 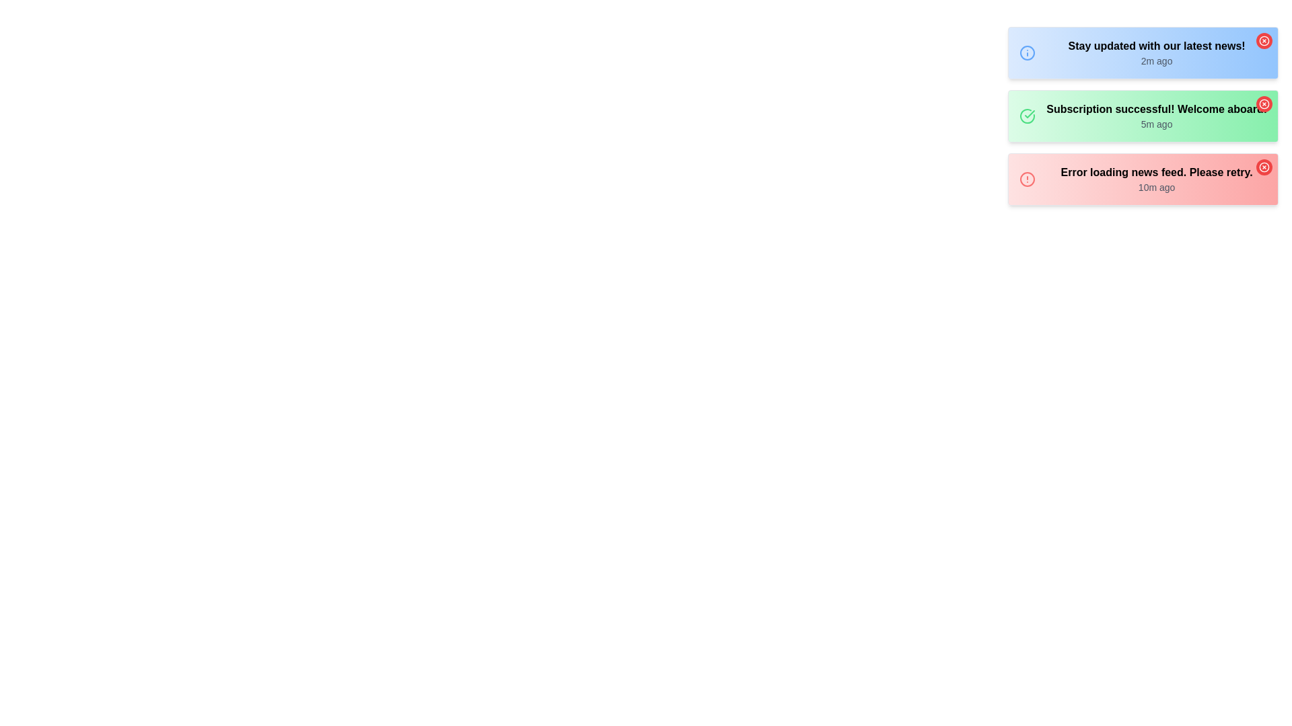 I want to click on the SVG Circle element, which is part of the information icon in the blue notification box, located to the left of the text 'Stay updated with our latest news!', so click(x=1027, y=52).